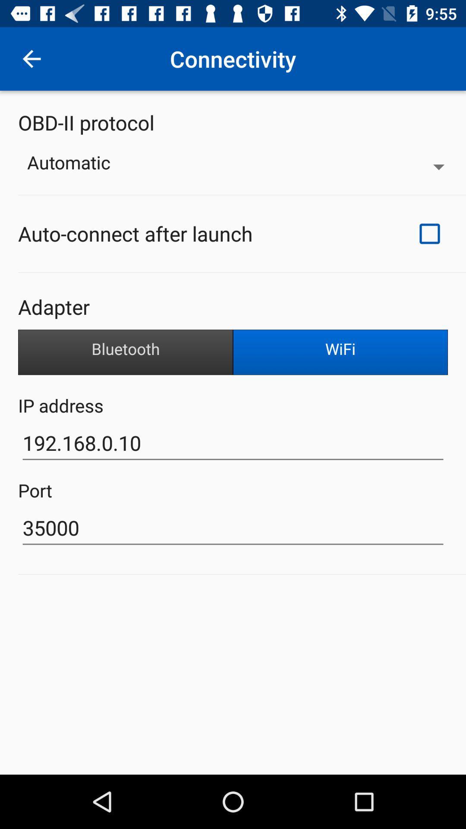 This screenshot has width=466, height=829. Describe the element at coordinates (125, 352) in the screenshot. I see `icon above the ip address` at that location.